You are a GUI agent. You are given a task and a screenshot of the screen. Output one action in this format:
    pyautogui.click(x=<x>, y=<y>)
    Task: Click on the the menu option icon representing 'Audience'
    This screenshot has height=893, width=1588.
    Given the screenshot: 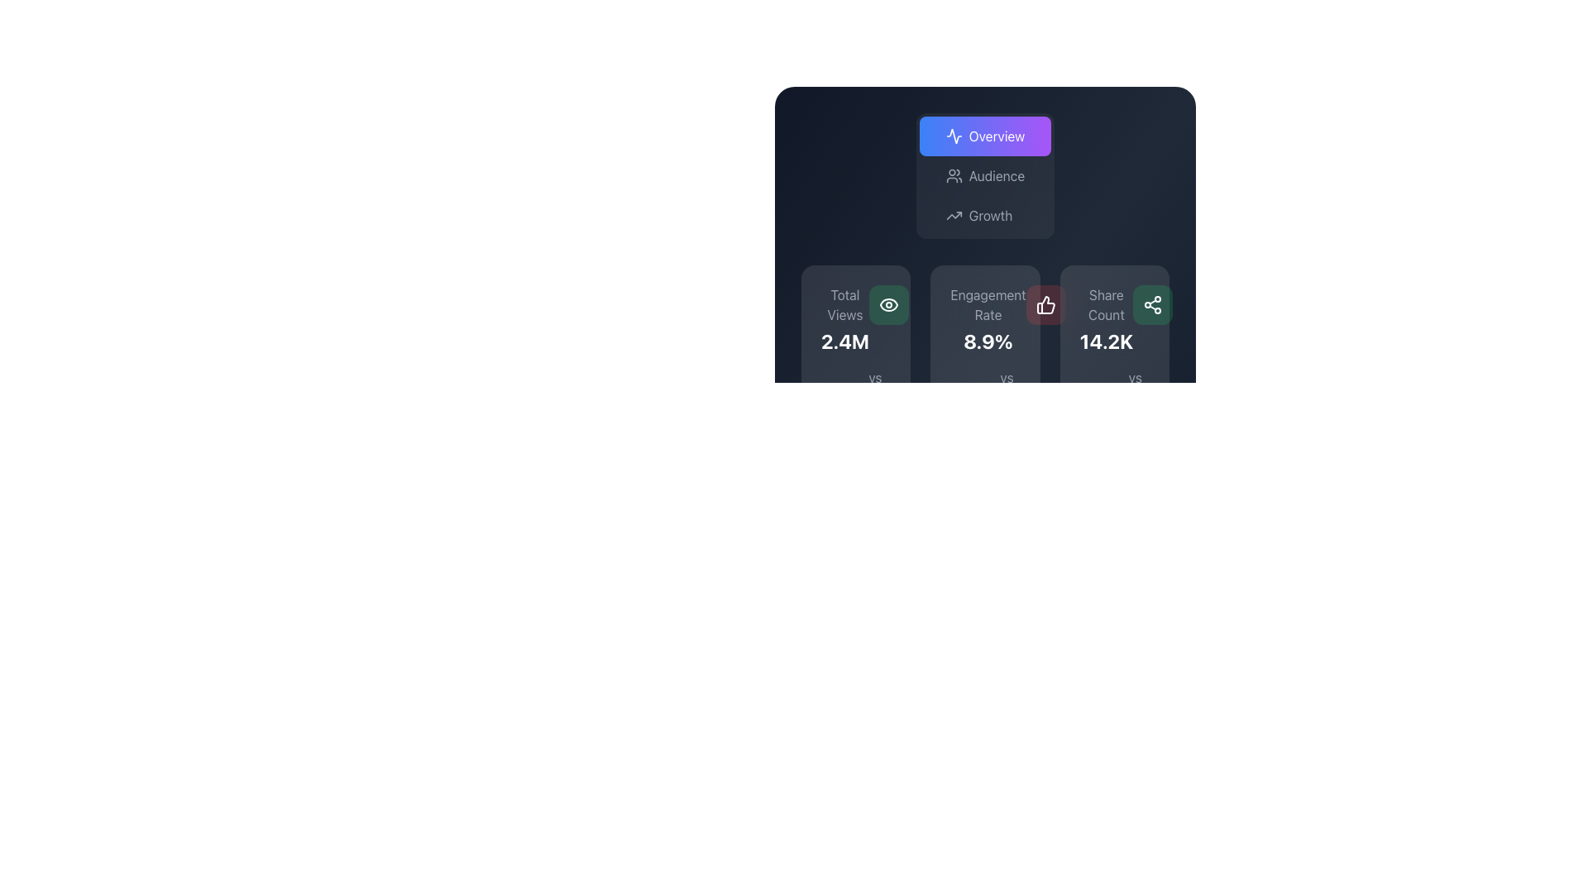 What is the action you would take?
    pyautogui.click(x=954, y=175)
    